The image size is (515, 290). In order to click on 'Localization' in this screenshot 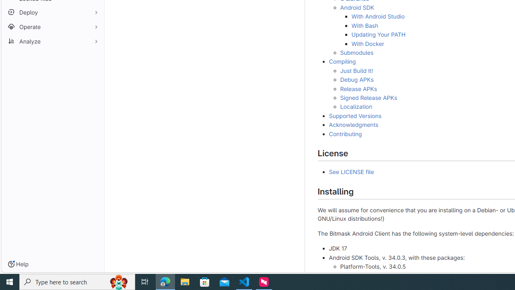, I will do `click(356, 106)`.